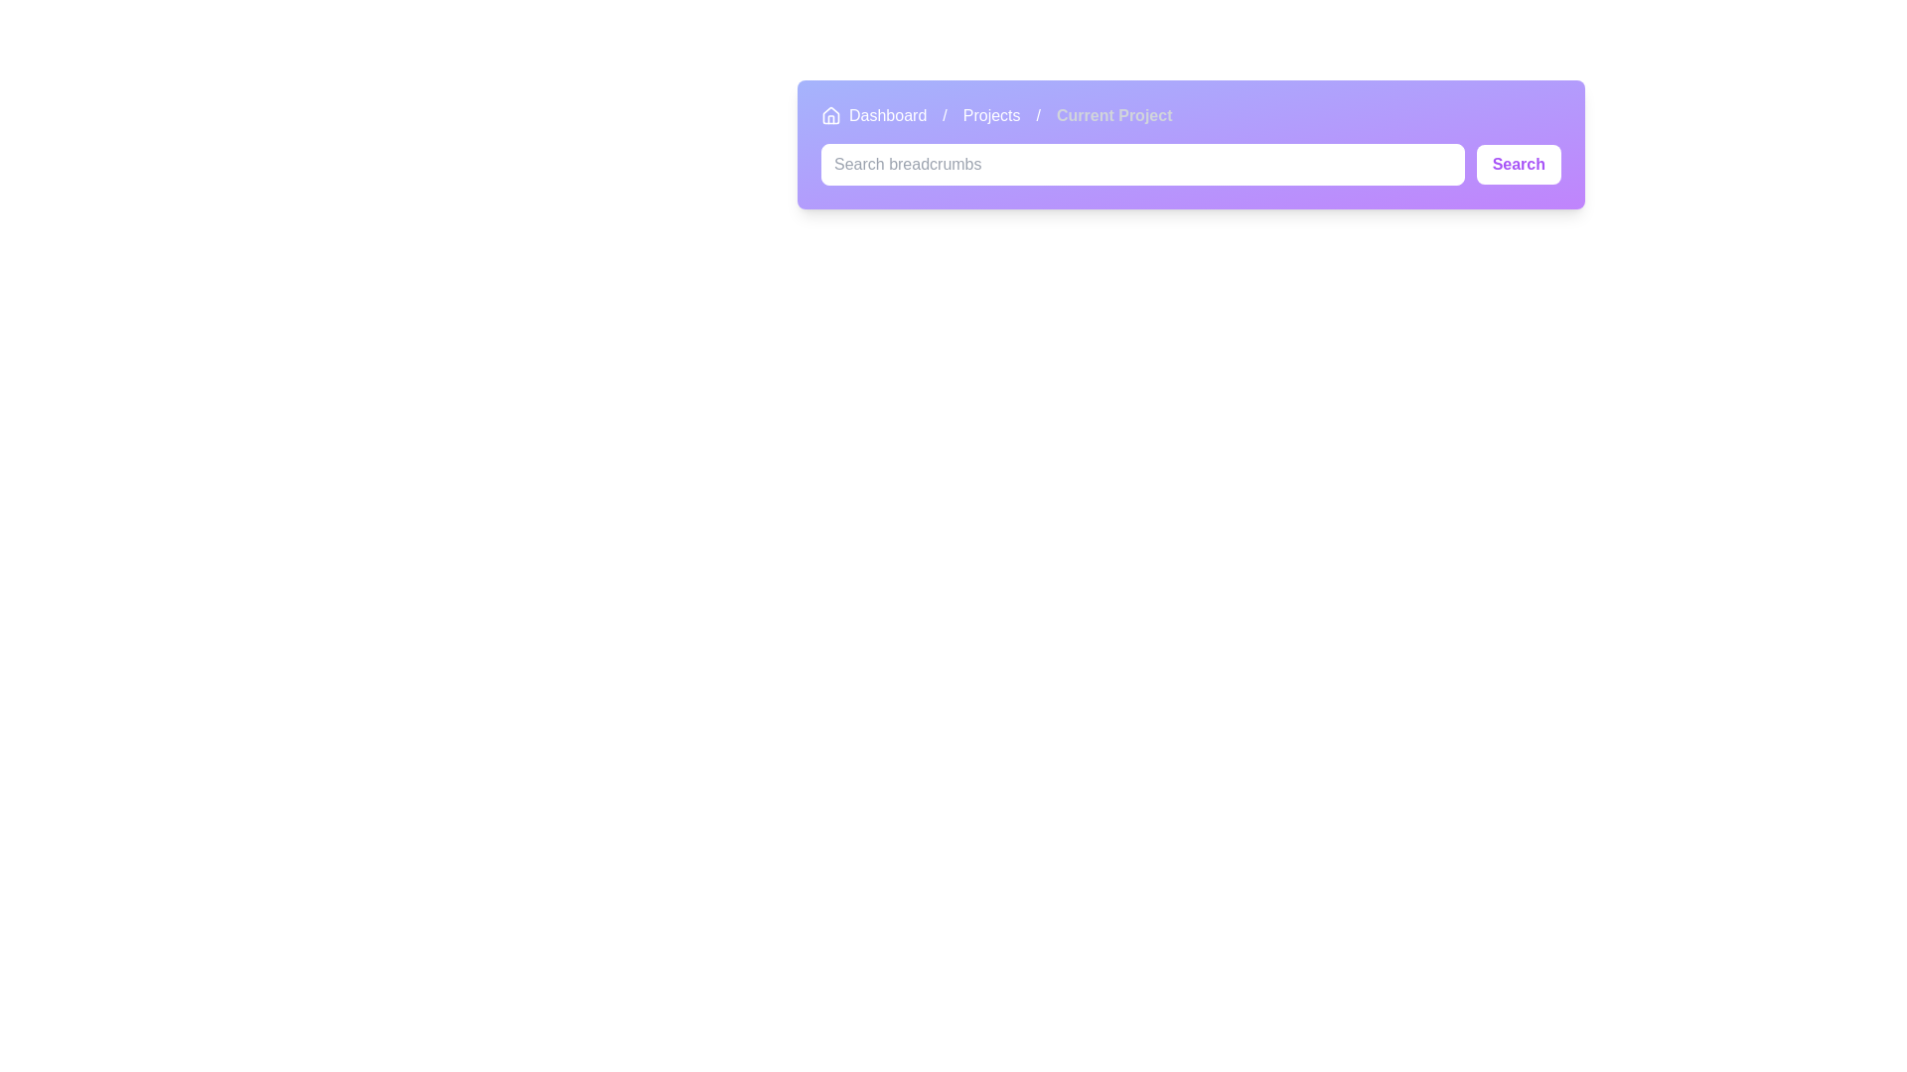  Describe the element at coordinates (991, 115) in the screenshot. I see `the 'Projects' hyperlink text in the breadcrumb navigation` at that location.